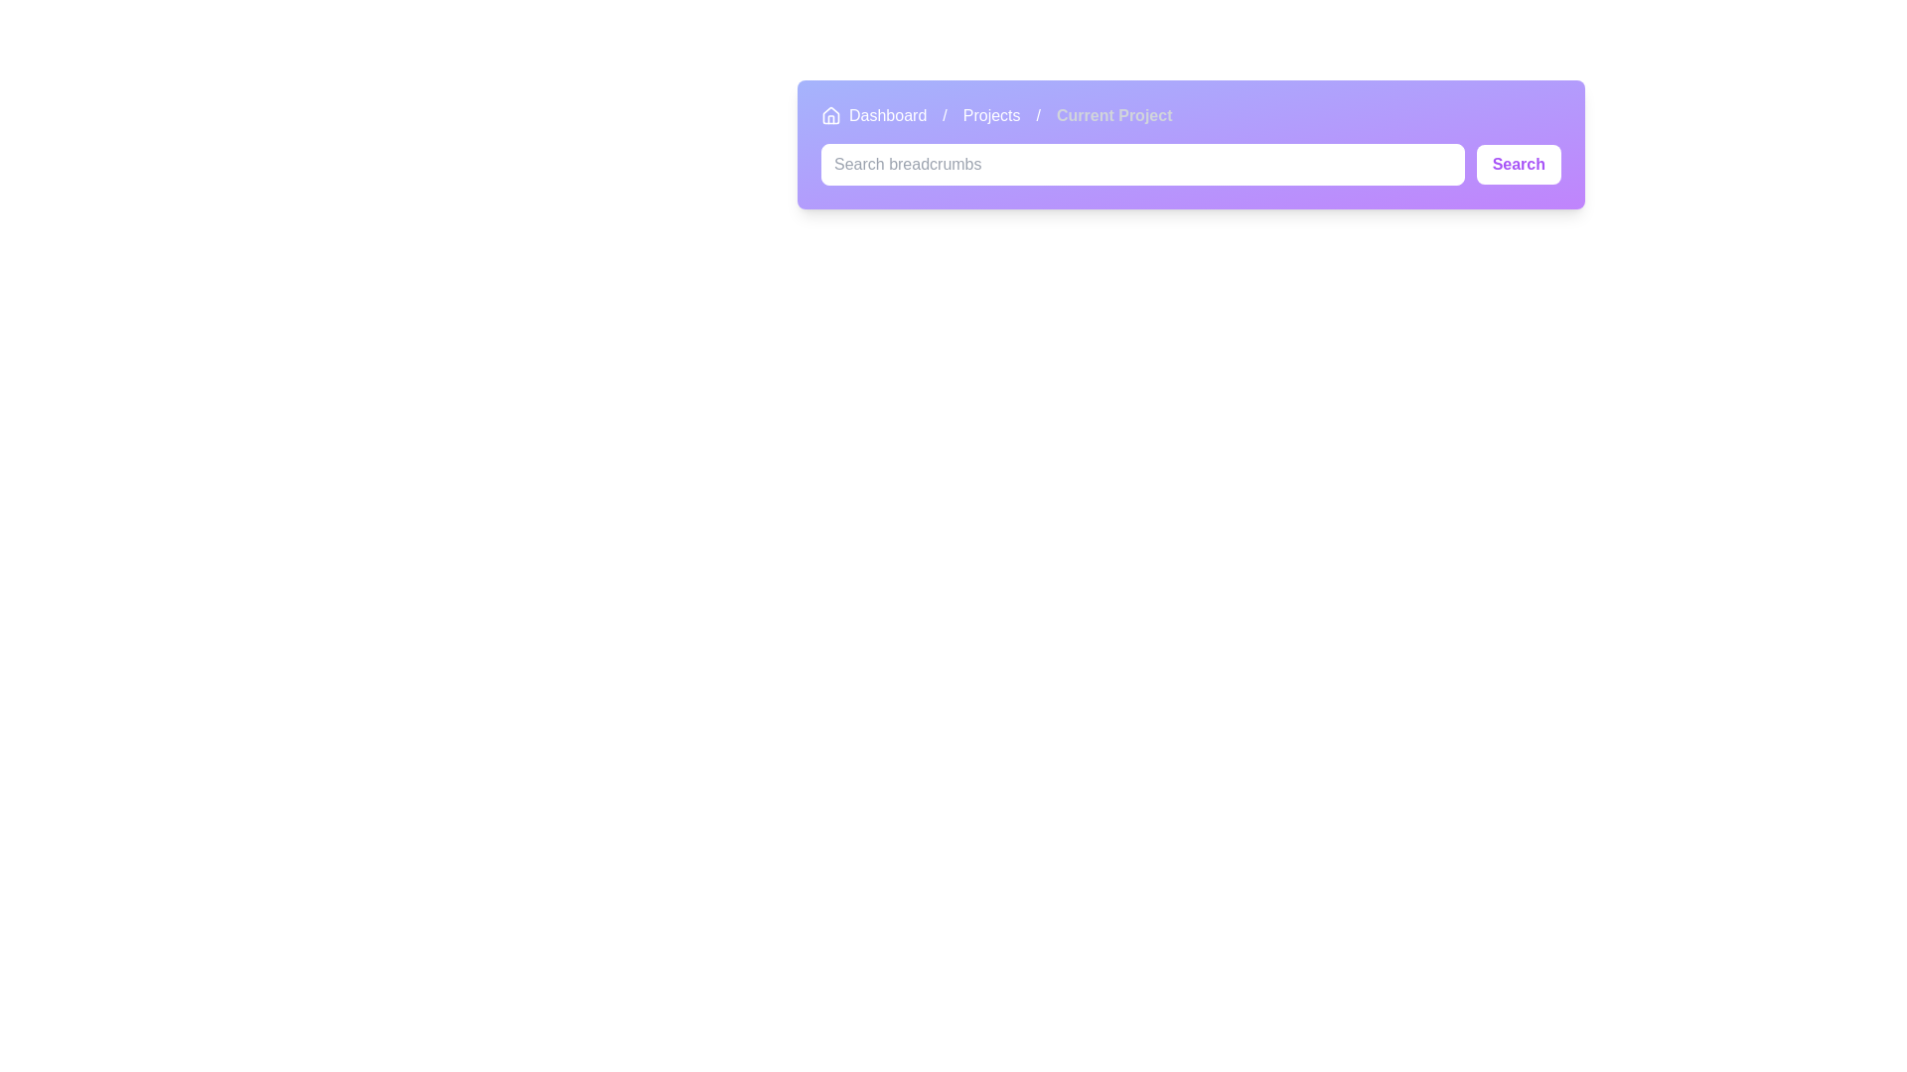  Describe the element at coordinates (991, 115) in the screenshot. I see `the 'Projects' hyperlink text in the breadcrumb navigation` at that location.